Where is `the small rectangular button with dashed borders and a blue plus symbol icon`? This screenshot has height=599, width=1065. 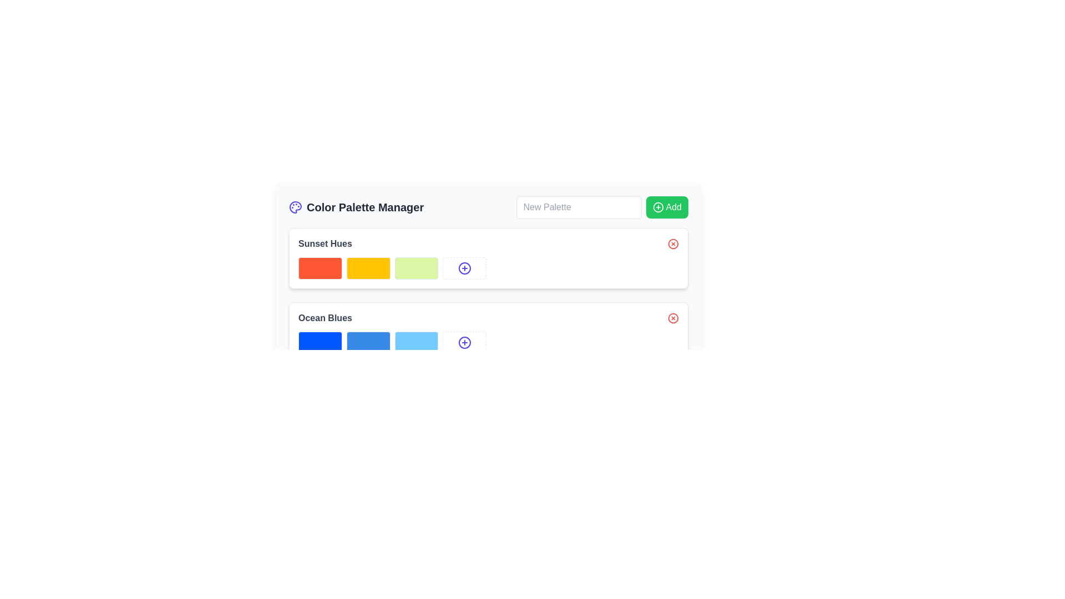 the small rectangular button with dashed borders and a blue plus symbol icon is located at coordinates (464, 268).